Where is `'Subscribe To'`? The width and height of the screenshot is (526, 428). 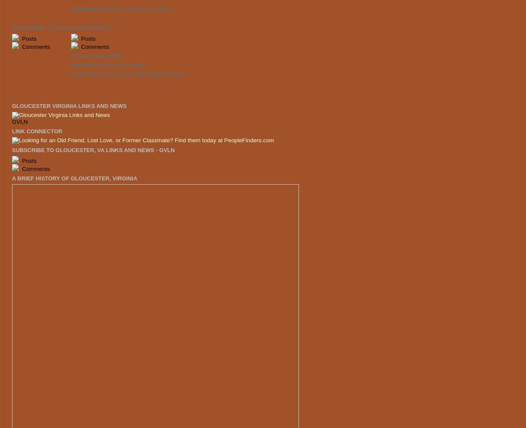 'Subscribe To' is located at coordinates (91, 27).